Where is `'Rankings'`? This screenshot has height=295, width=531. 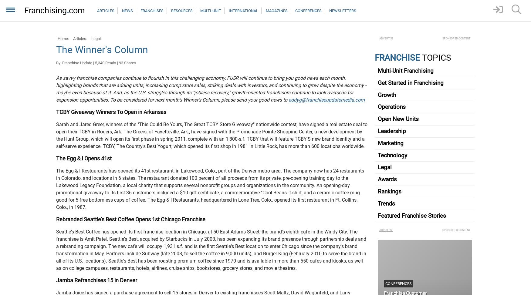 'Rankings' is located at coordinates (389, 191).